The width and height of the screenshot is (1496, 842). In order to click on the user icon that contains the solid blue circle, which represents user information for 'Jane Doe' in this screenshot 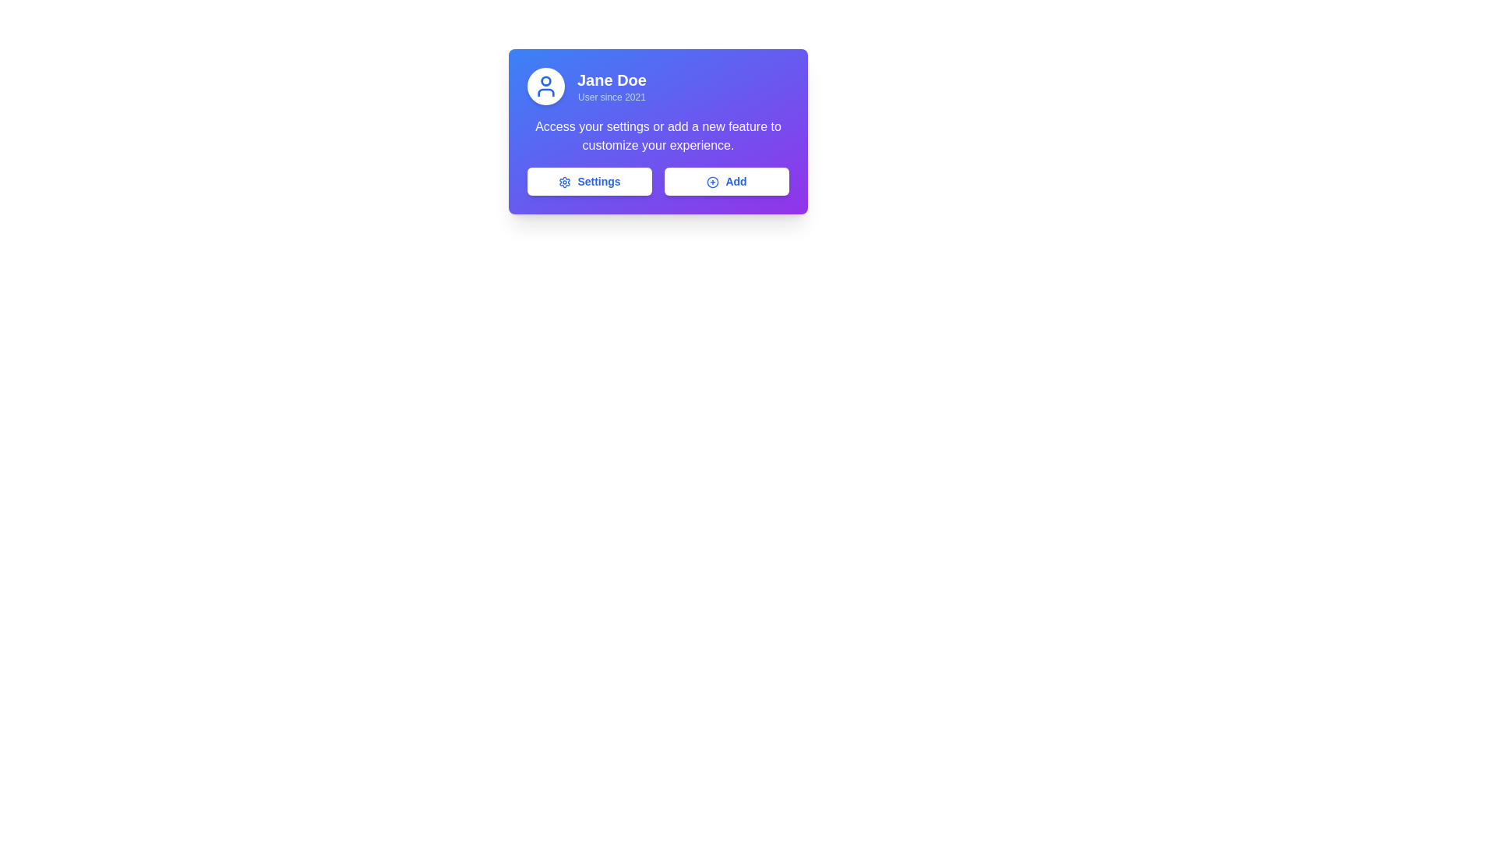, I will do `click(545, 81)`.